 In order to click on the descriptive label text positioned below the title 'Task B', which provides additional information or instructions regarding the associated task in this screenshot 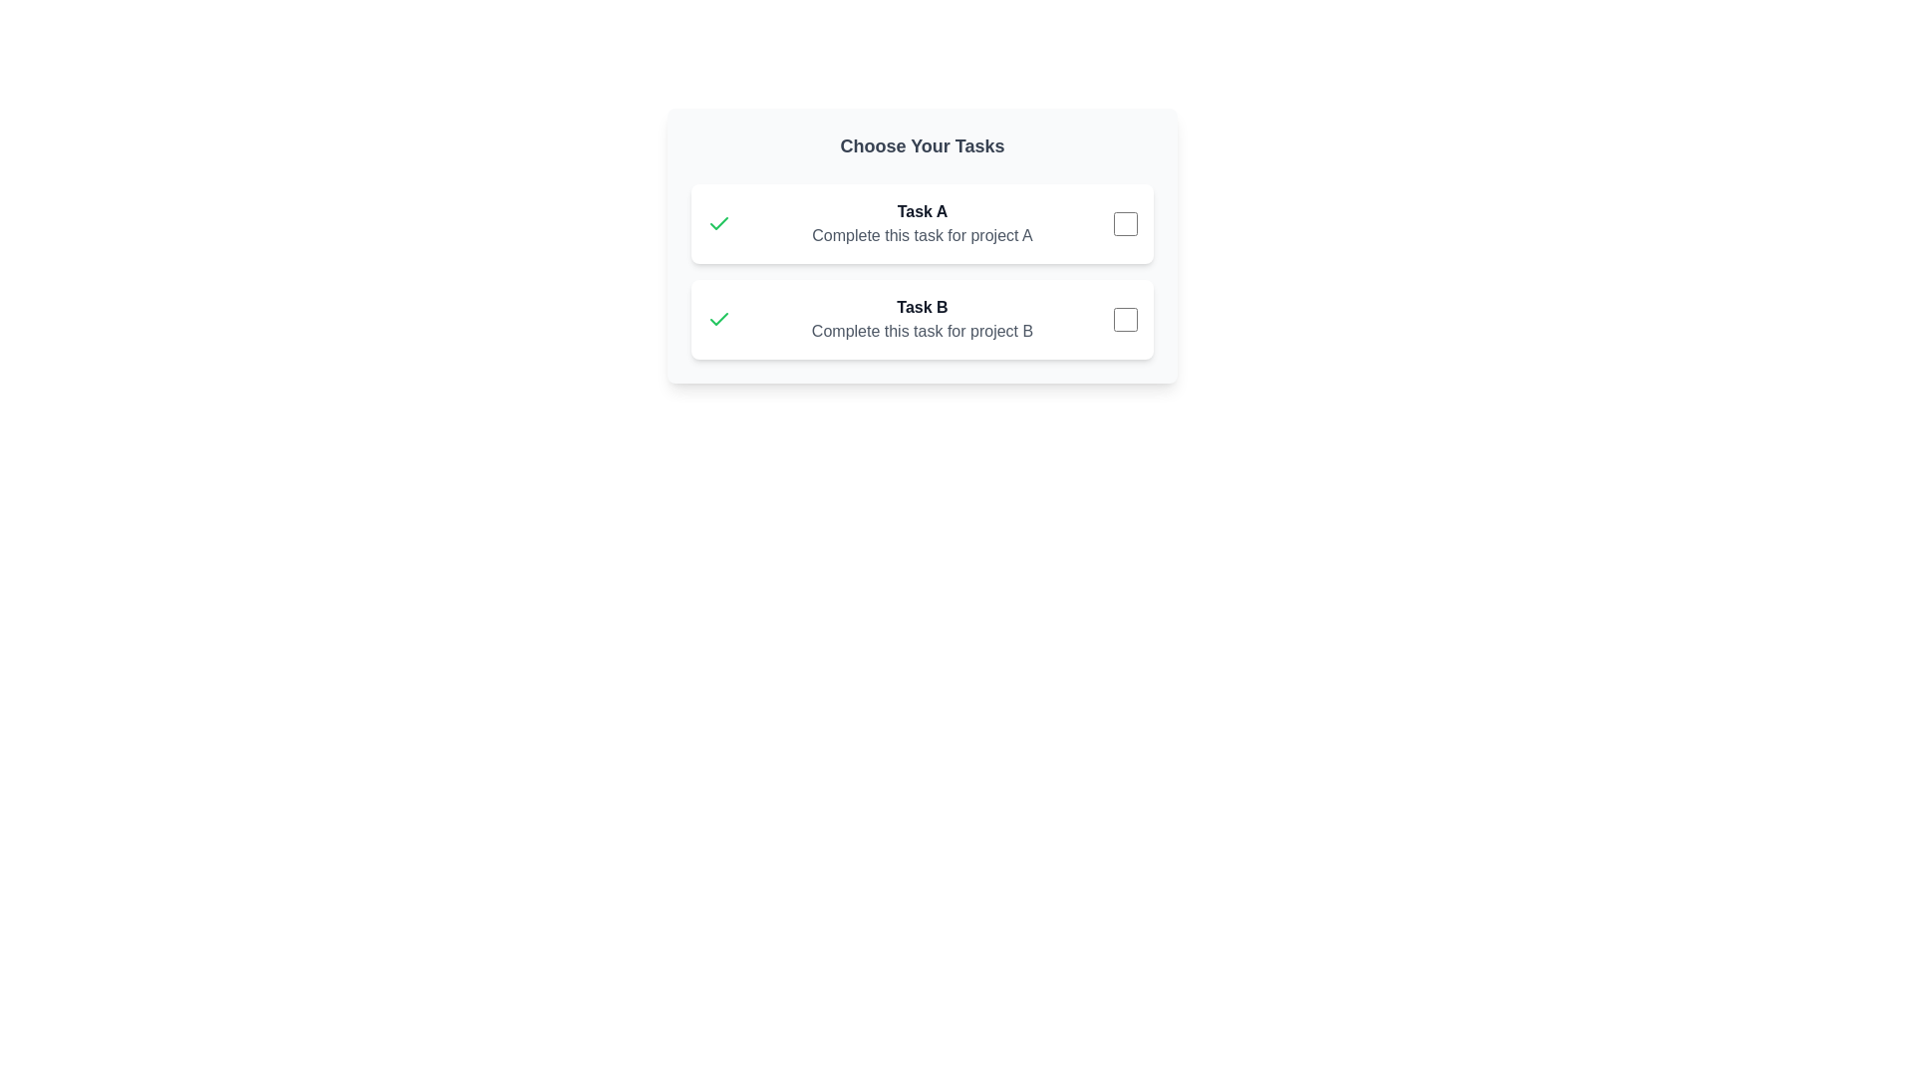, I will do `click(922, 330)`.